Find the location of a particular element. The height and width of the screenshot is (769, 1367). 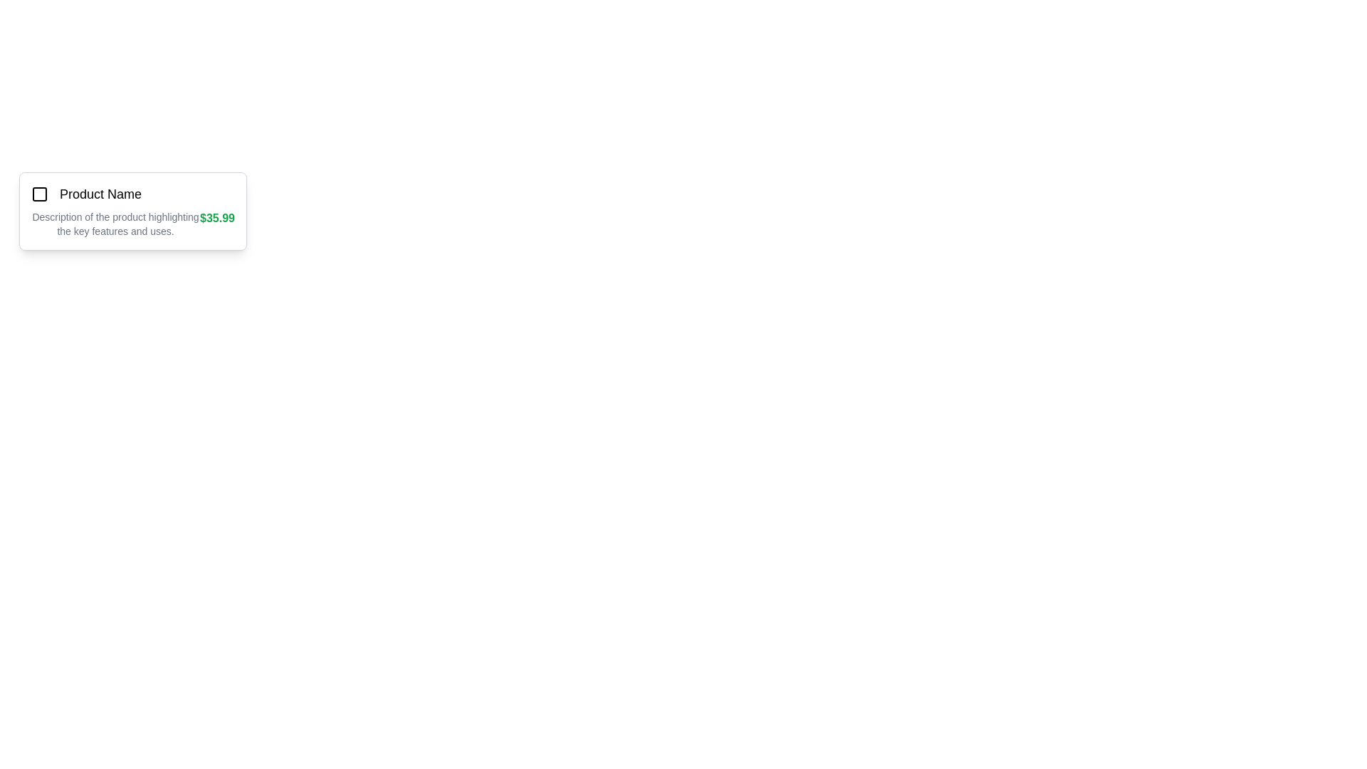

the icon related to 'Product Name', which is positioned on the leftmost side adjacent to the text 'Product Name' is located at coordinates (40, 194).